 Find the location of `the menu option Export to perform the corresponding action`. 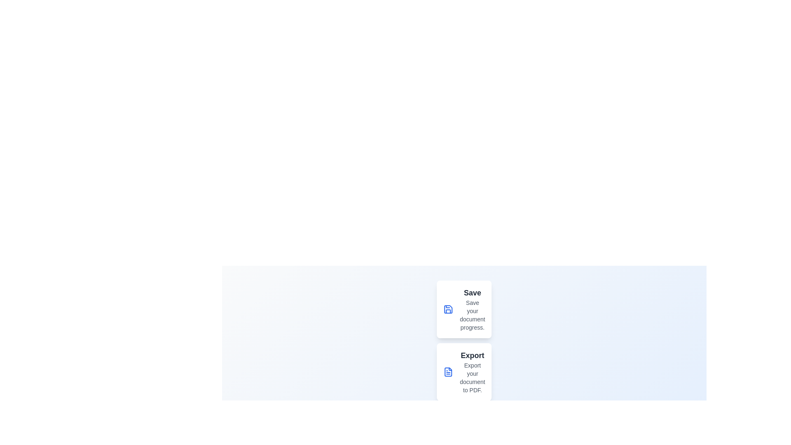

the menu option Export to perform the corresponding action is located at coordinates (448, 372).